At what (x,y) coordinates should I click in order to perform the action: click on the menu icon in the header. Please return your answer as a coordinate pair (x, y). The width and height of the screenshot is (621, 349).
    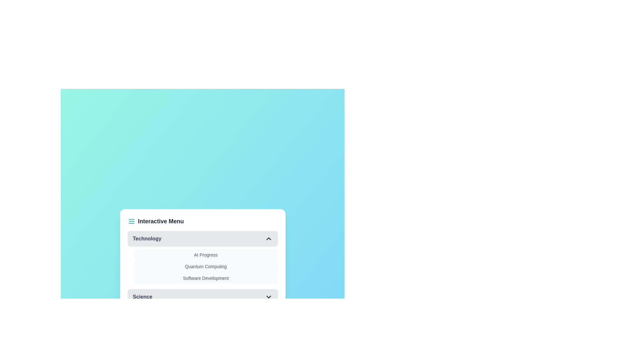
    Looking at the image, I should click on (131, 221).